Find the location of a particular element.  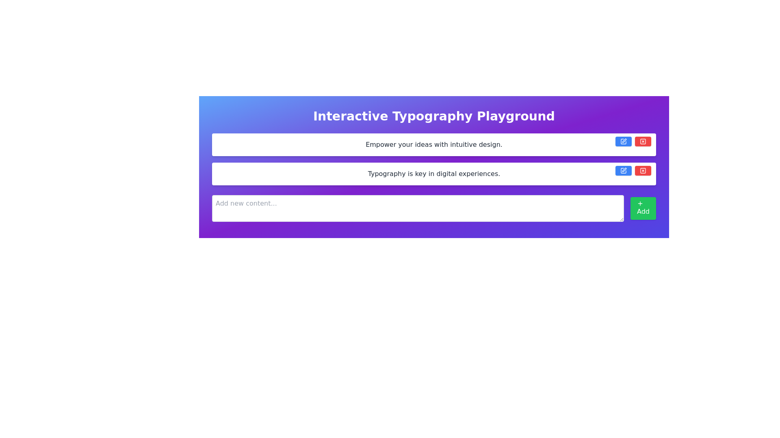

the edit icon, which resembles a pen, located within the blue button on the right end of the input field labeled 'Empower your ideas with intuitive design.' is located at coordinates (623, 141).